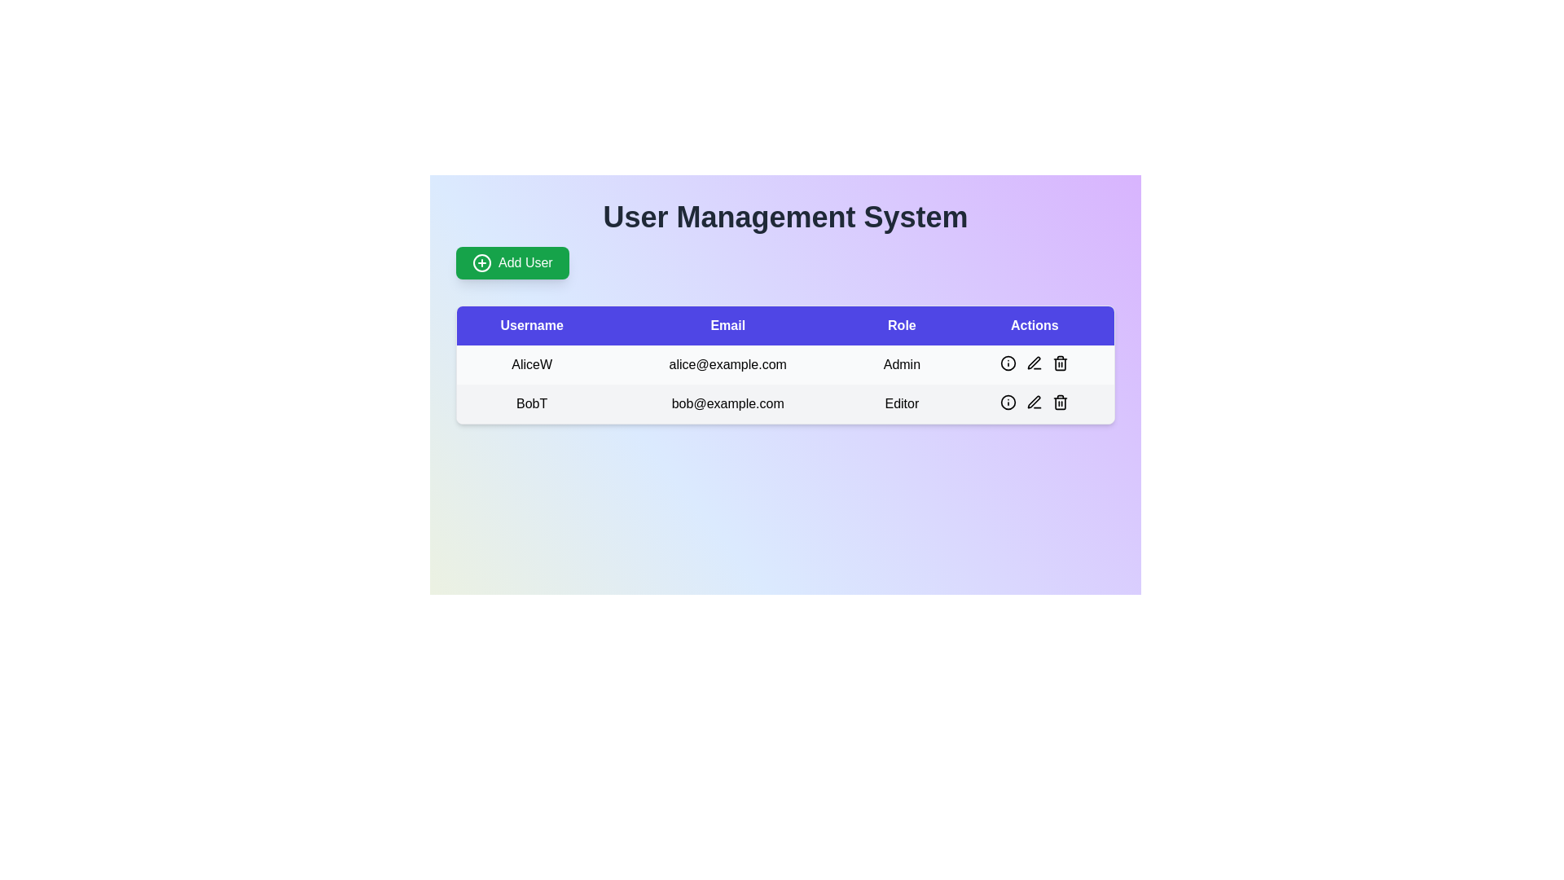 This screenshot has height=880, width=1564. What do you see at coordinates (1033, 402) in the screenshot?
I see `the icon button shaped like a diagonal pen symbol in the Actions column of the second row of the user management table` at bounding box center [1033, 402].